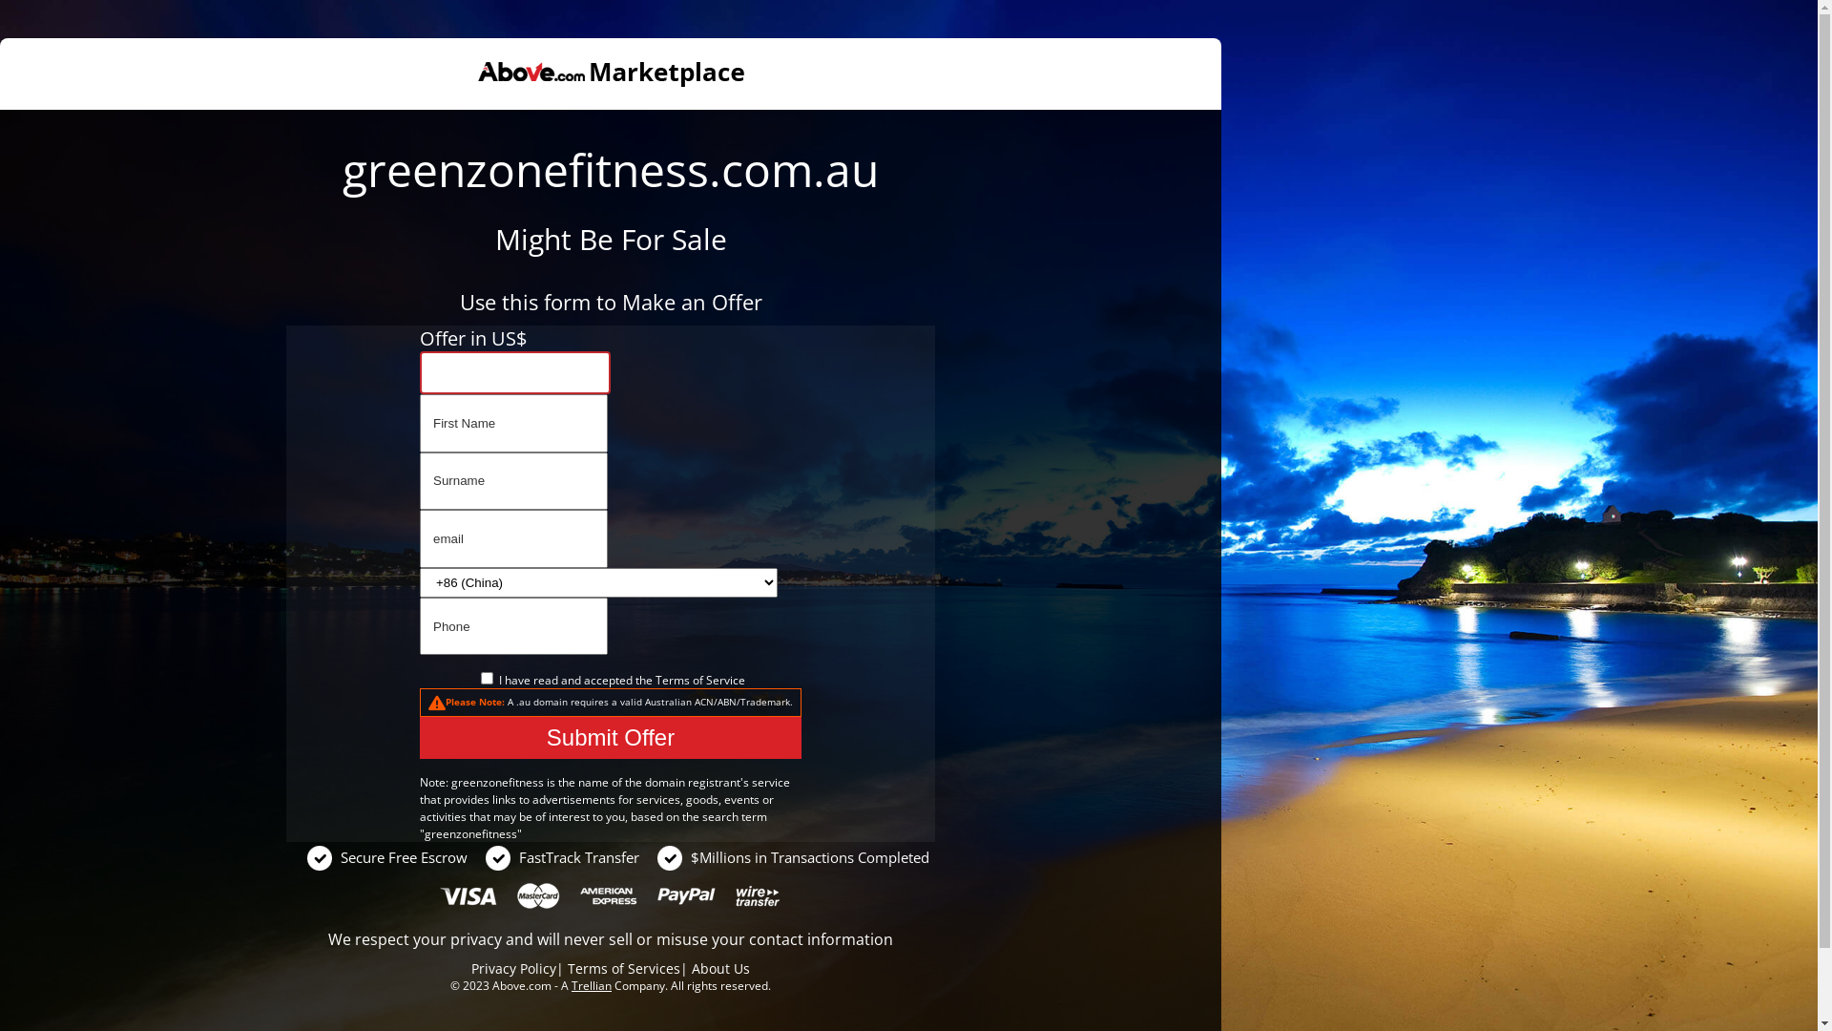 This screenshot has height=1031, width=1832. What do you see at coordinates (590, 985) in the screenshot?
I see `'Trellian'` at bounding box center [590, 985].